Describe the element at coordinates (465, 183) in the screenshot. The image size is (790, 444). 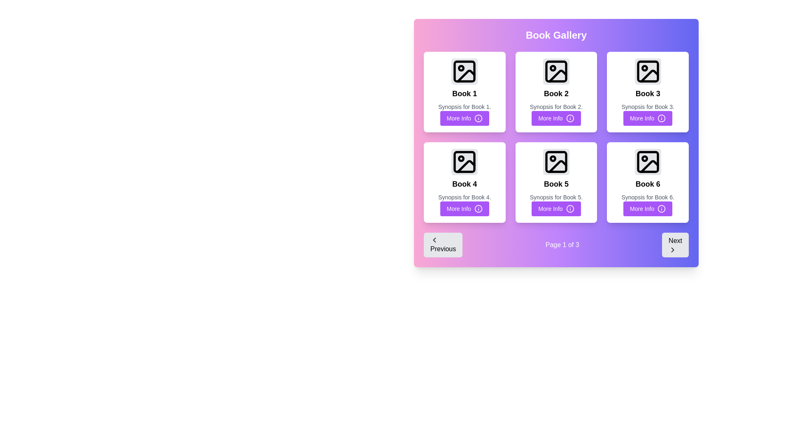
I see `text label displaying the book's name in the 'Book 4' card, located in the second row and first column of the grid layout` at that location.